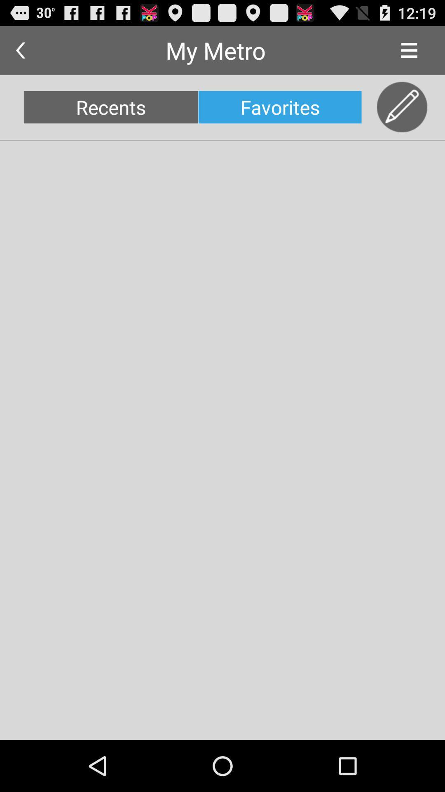 This screenshot has width=445, height=792. Describe the element at coordinates (409, 53) in the screenshot. I see `the menu icon` at that location.